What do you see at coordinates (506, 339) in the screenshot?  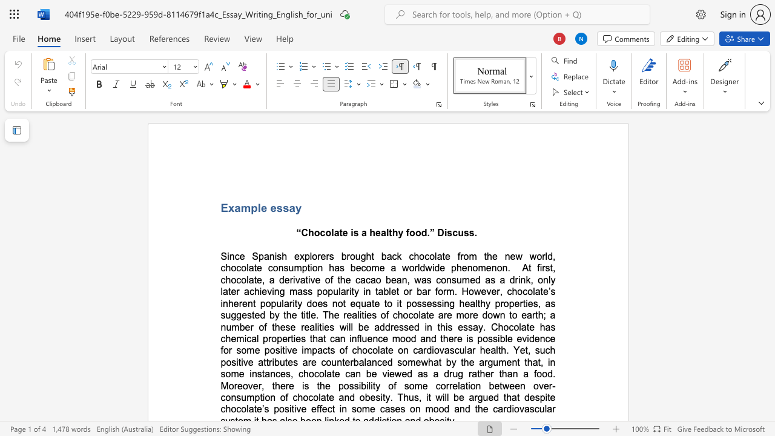 I see `the 1th character "l" in the text` at bounding box center [506, 339].